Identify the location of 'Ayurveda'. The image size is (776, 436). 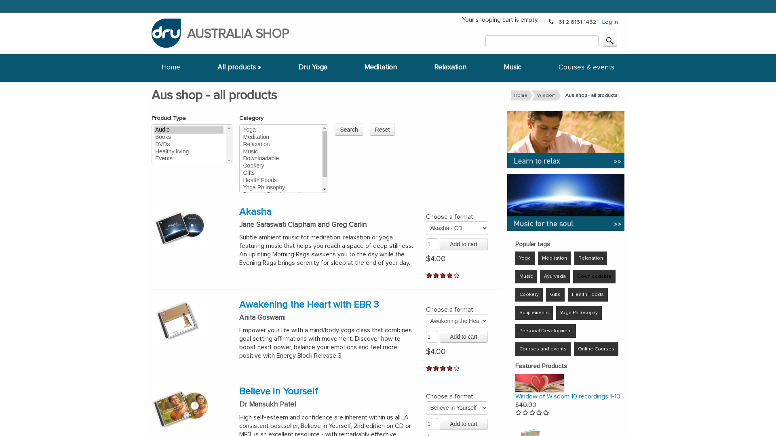
(554, 276).